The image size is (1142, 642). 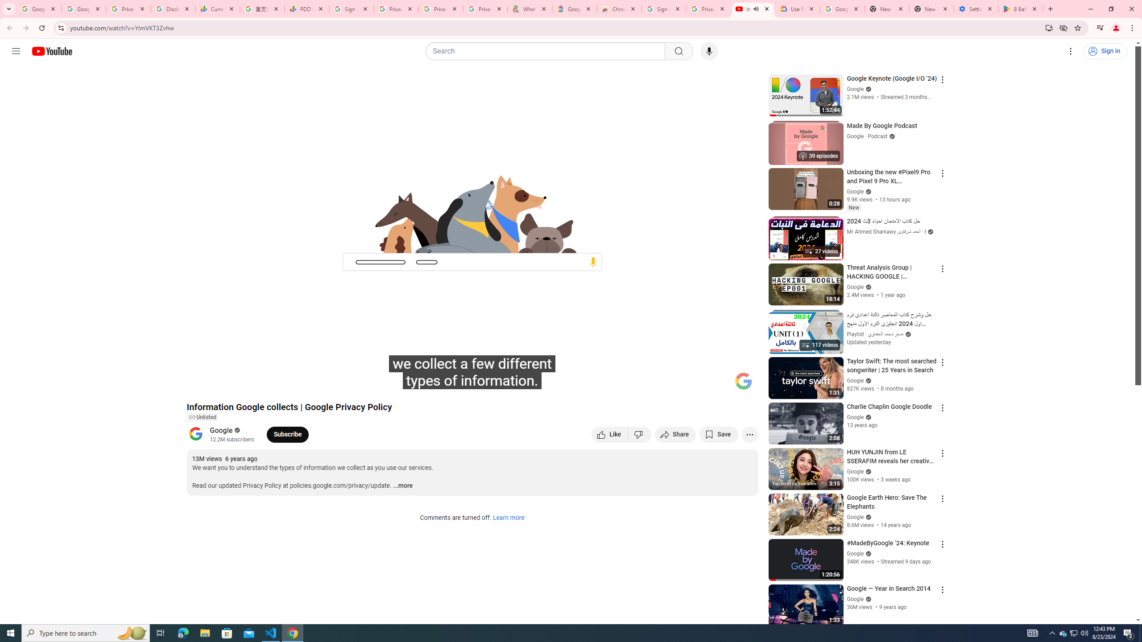 I want to click on 'Sign in - Google Accounts', so click(x=351, y=8).